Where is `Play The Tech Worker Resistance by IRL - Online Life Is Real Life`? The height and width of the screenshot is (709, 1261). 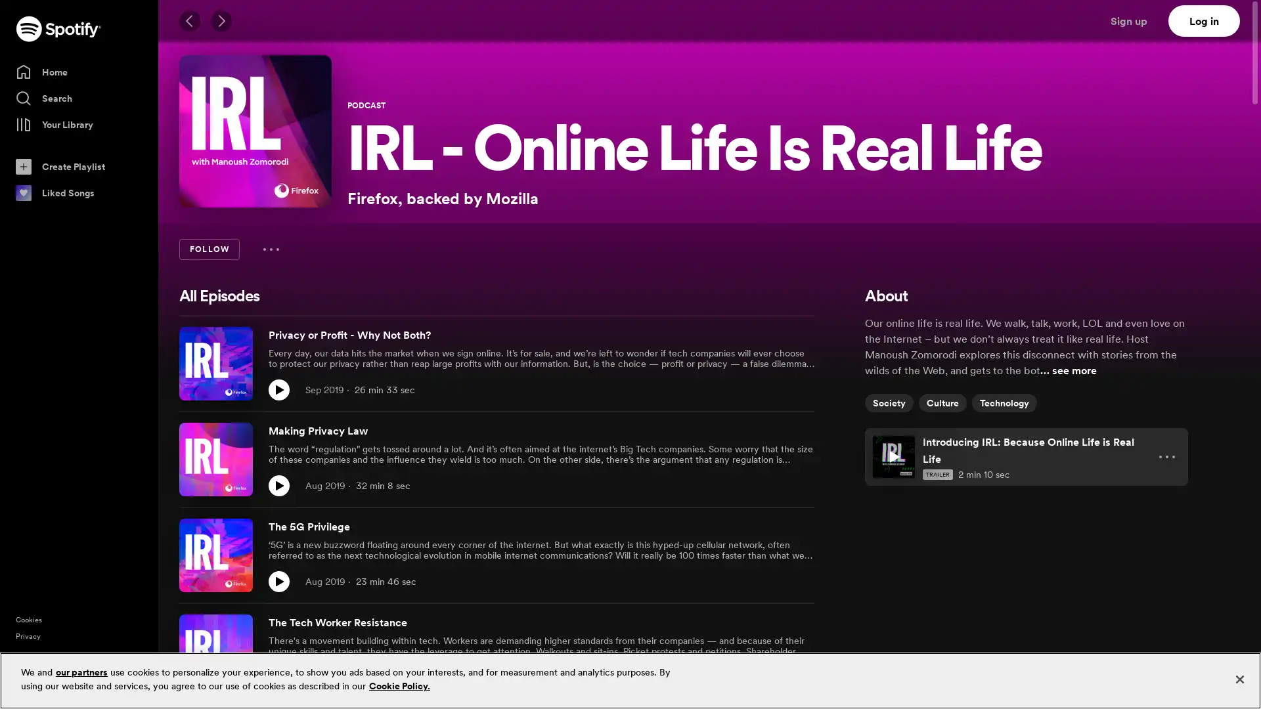
Play The Tech Worker Resistance by IRL - Online Life Is Real Life is located at coordinates (278, 677).